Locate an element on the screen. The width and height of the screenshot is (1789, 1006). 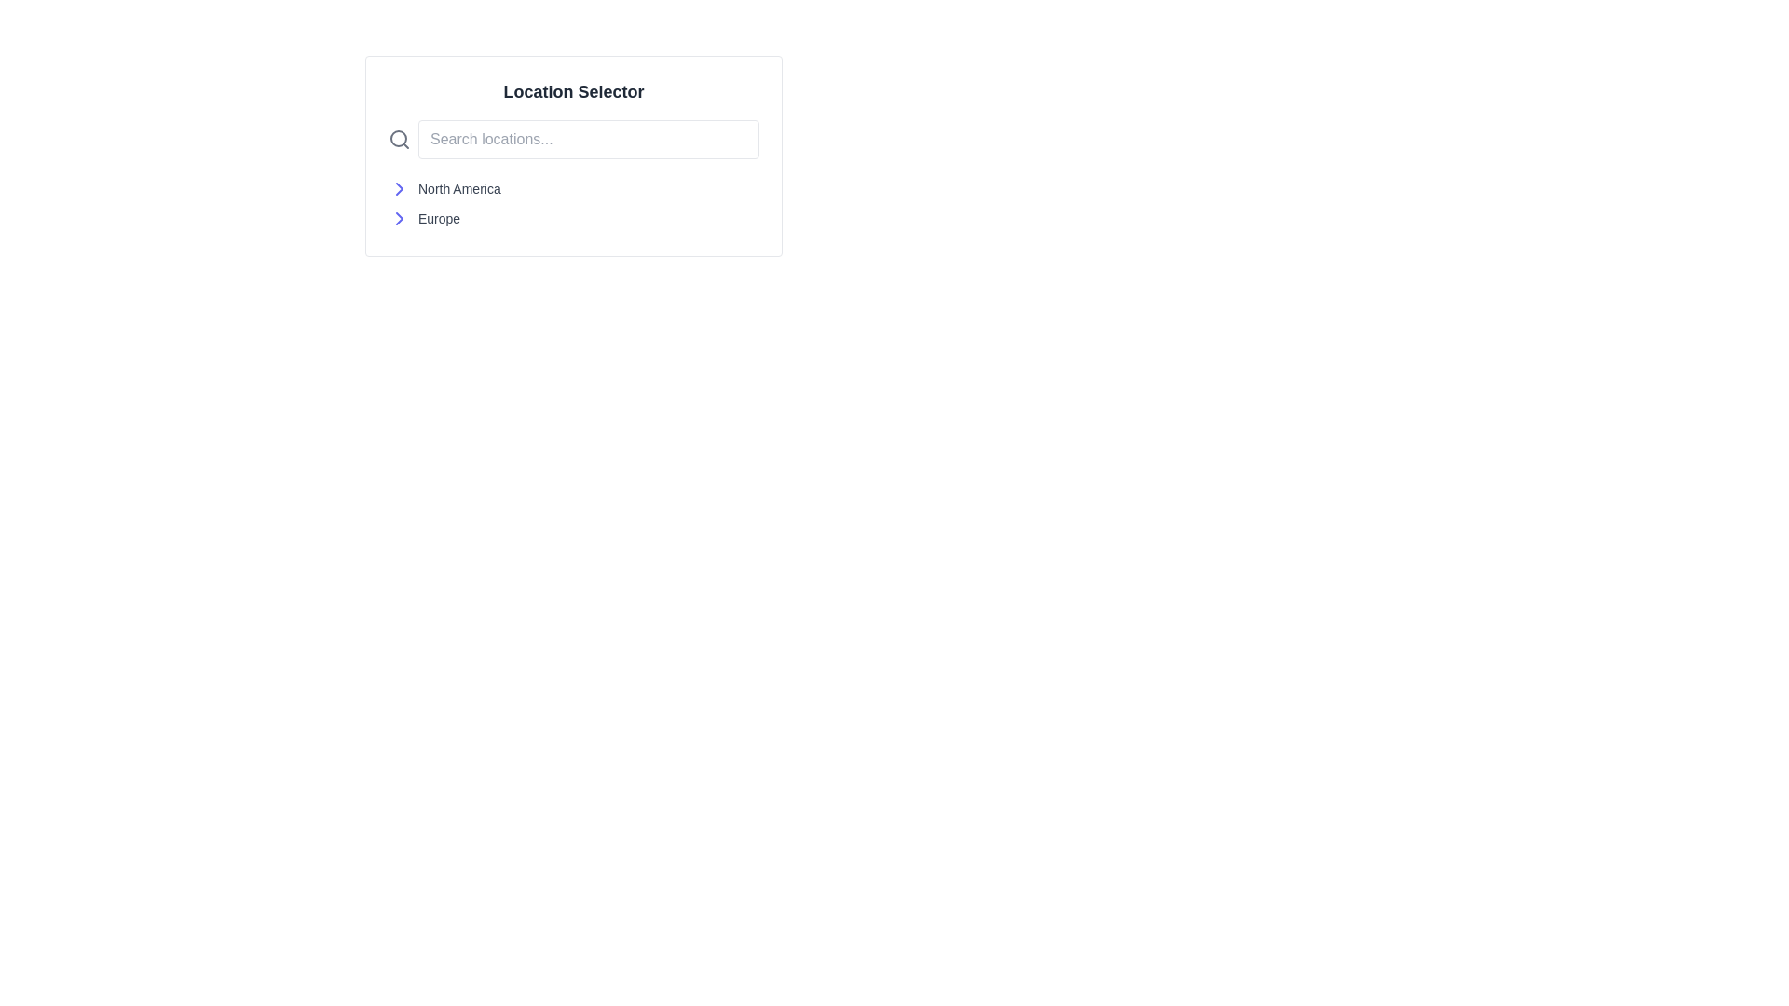
the circular part of the magnifying glass icon, which is located to the left of the 'Search locations...' text input field is located at coordinates (397, 138).